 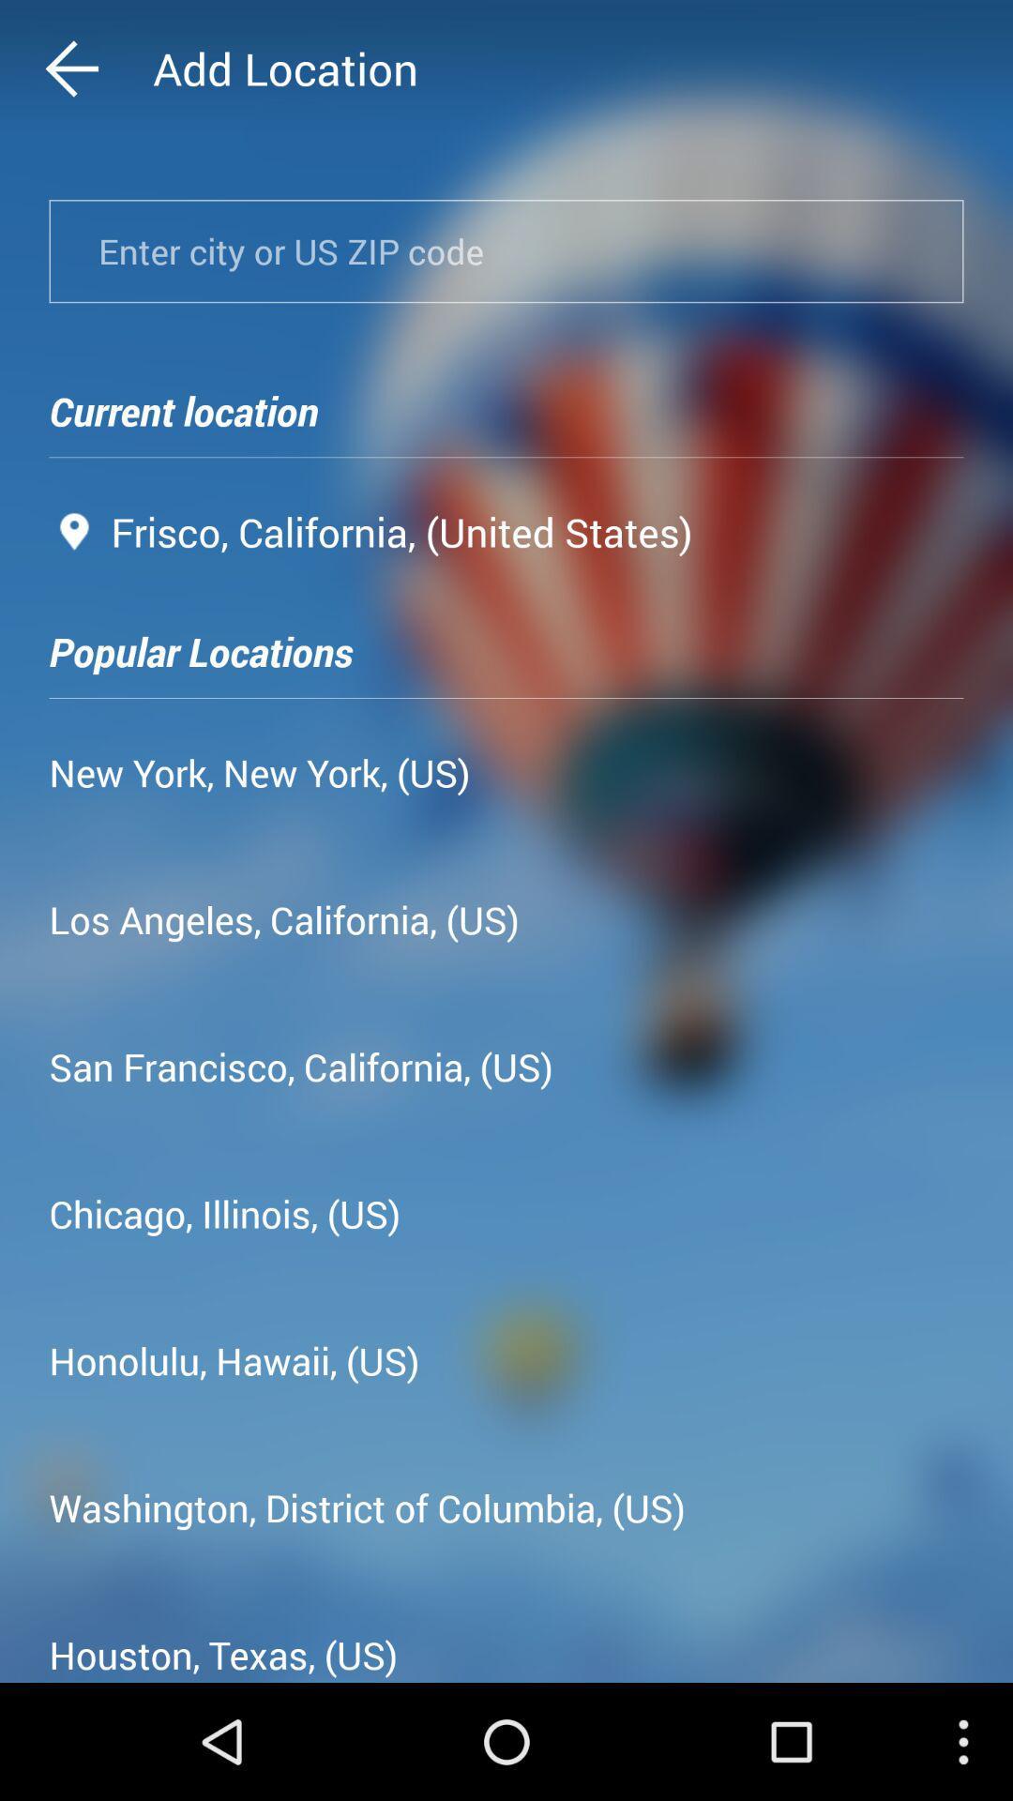 What do you see at coordinates (506, 250) in the screenshot?
I see `city or zip` at bounding box center [506, 250].